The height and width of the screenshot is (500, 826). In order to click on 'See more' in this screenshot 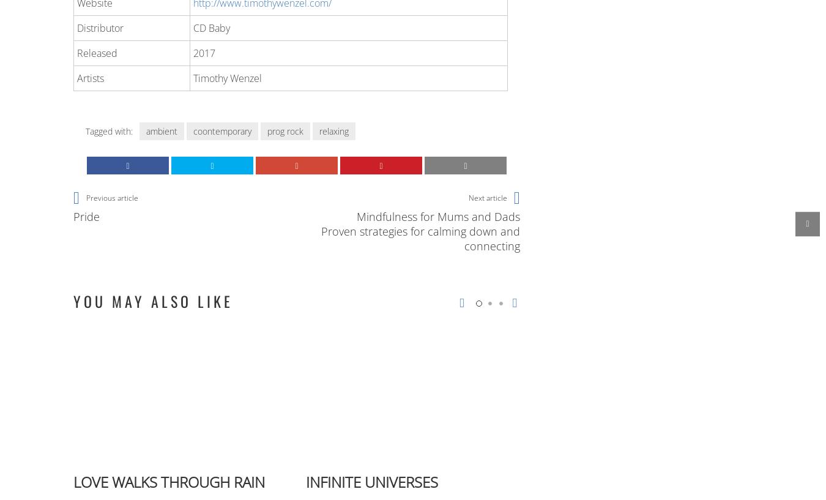, I will do `click(92, 199)`.